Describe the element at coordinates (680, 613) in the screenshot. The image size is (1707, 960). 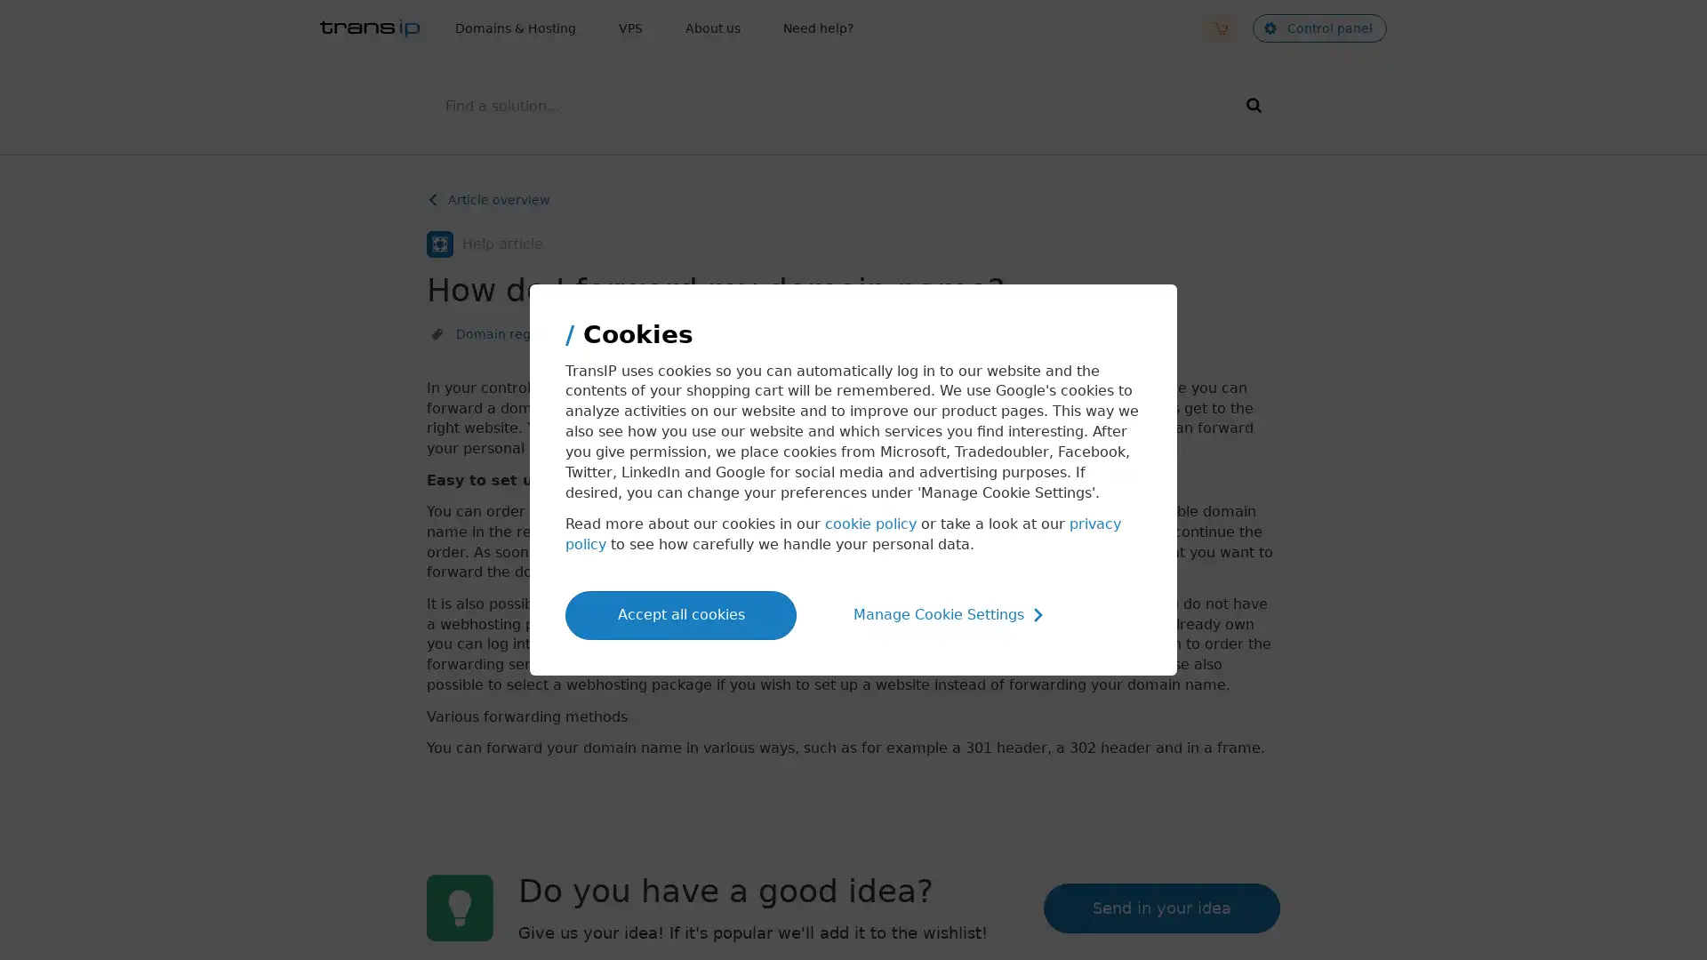
I see `Accept all cookies` at that location.